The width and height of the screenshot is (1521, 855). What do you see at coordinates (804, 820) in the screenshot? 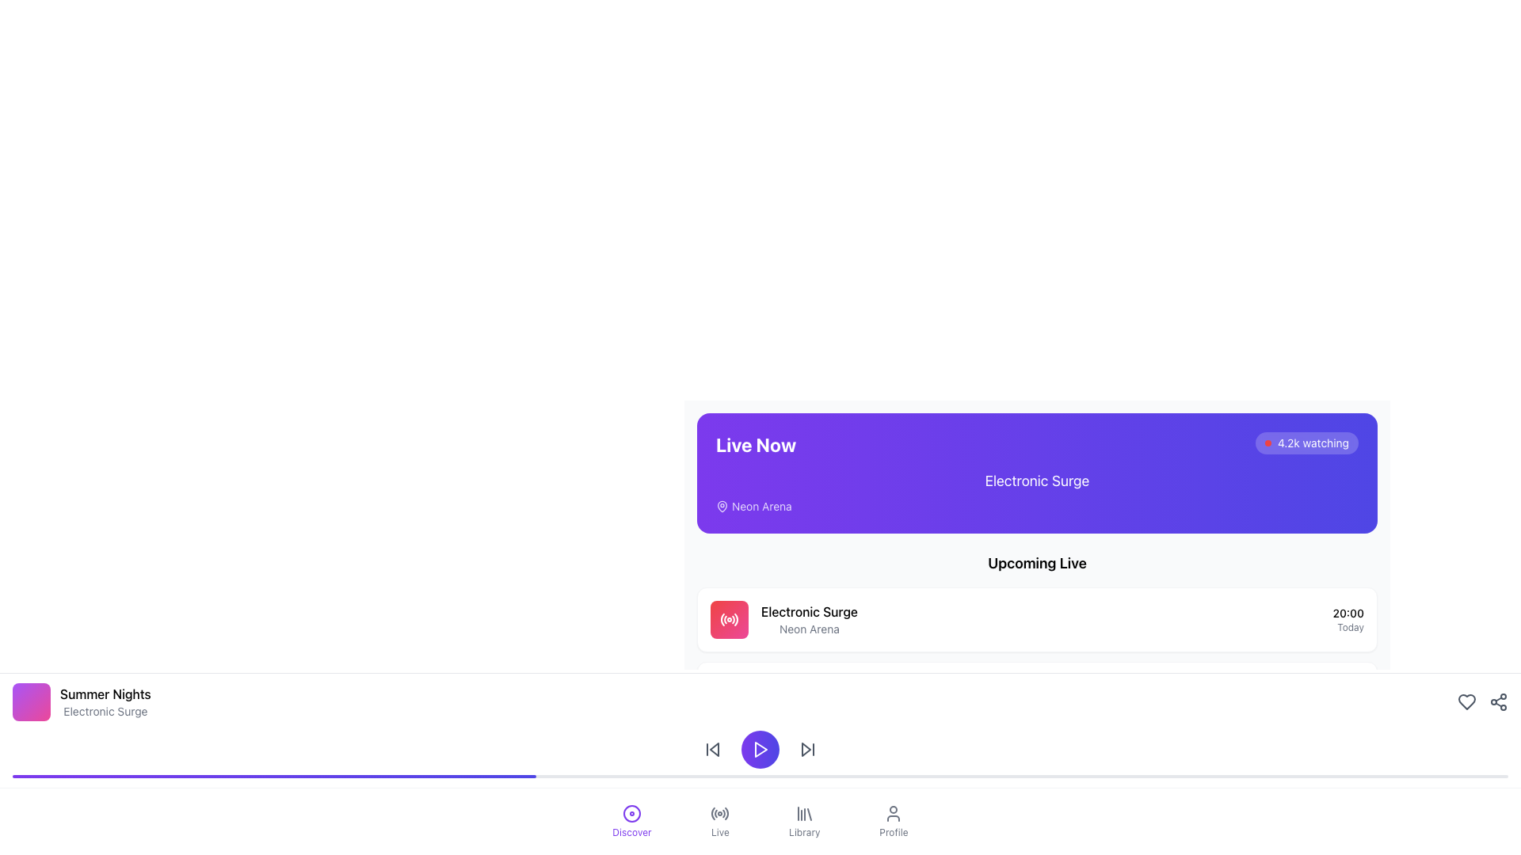
I see `the Navigation Button located in the bottom navigation bar` at bounding box center [804, 820].